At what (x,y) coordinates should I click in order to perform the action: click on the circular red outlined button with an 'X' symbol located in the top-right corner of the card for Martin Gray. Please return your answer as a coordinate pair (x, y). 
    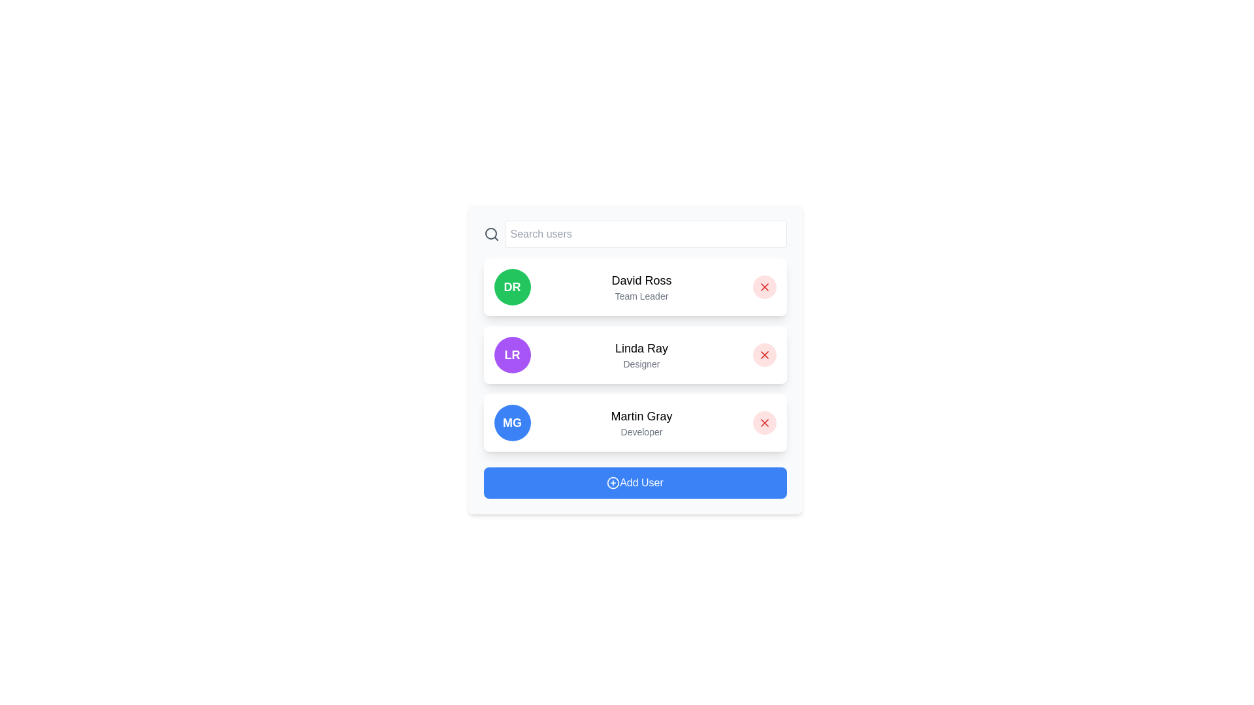
    Looking at the image, I should click on (764, 423).